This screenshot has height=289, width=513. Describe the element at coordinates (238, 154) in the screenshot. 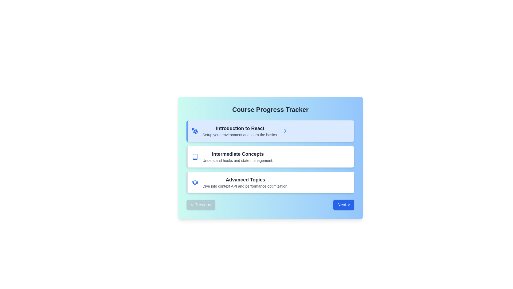

I see `the header text displaying 'Intermediate Concepts' in bold, dark gray font, which is centrally located in the main content area of the UI` at that location.